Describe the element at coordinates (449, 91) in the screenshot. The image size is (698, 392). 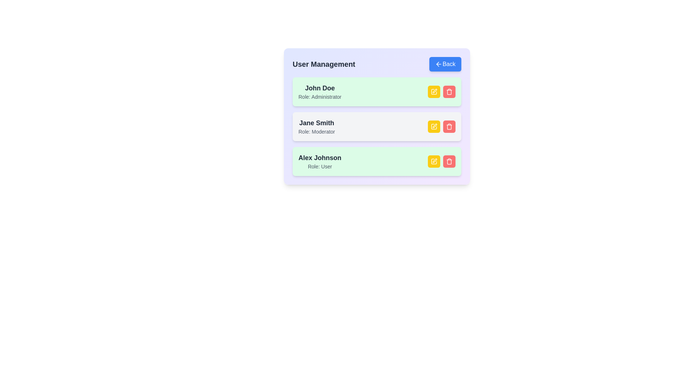
I see `delete button for the user John Doe` at that location.